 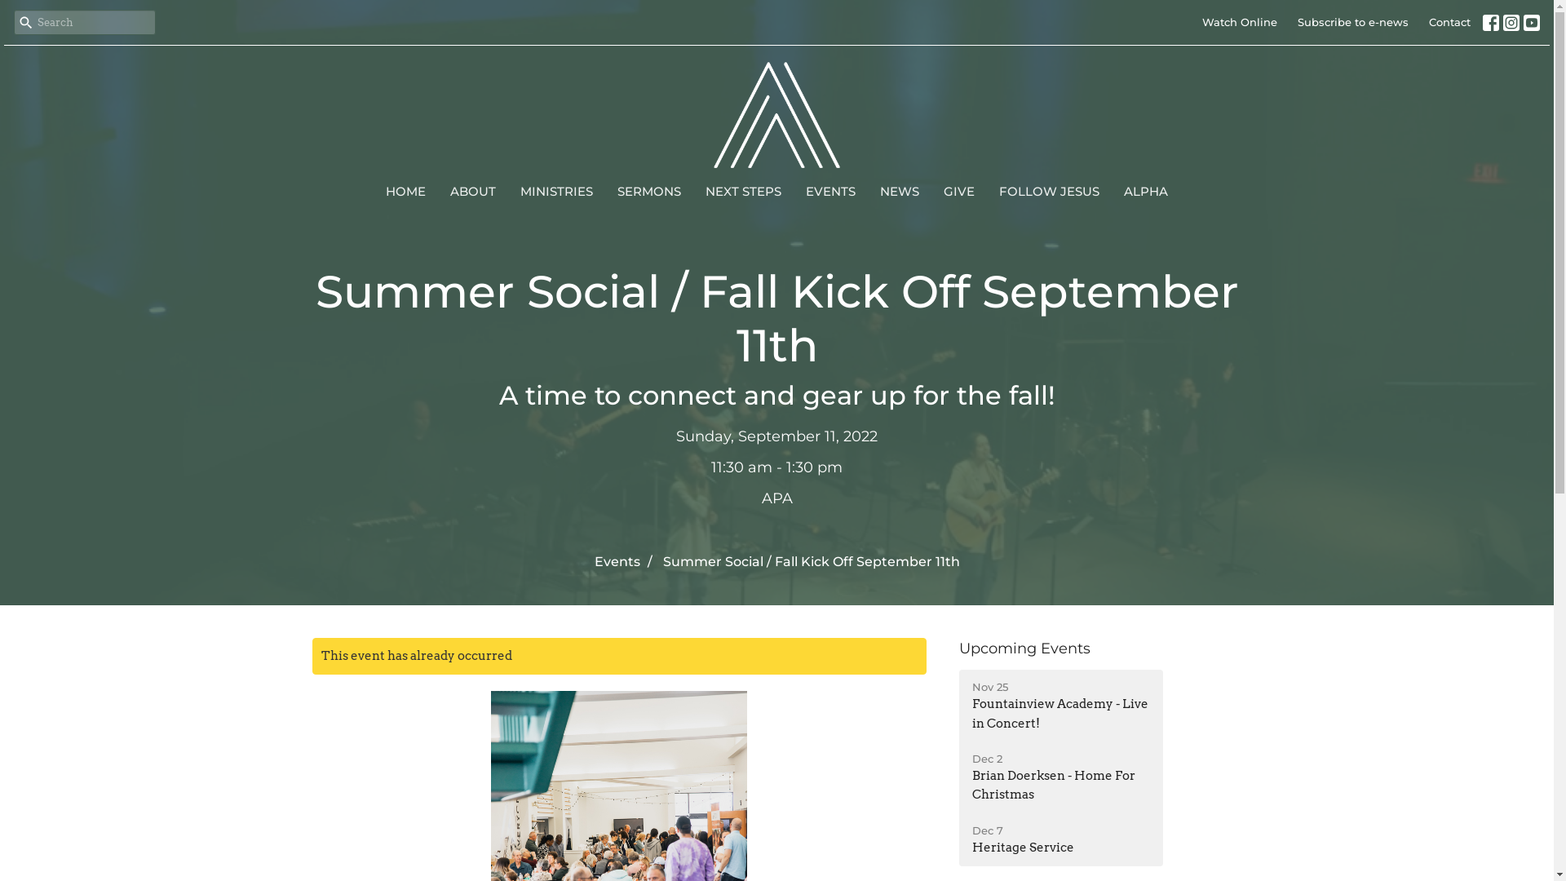 What do you see at coordinates (943, 190) in the screenshot?
I see `'GIVE'` at bounding box center [943, 190].